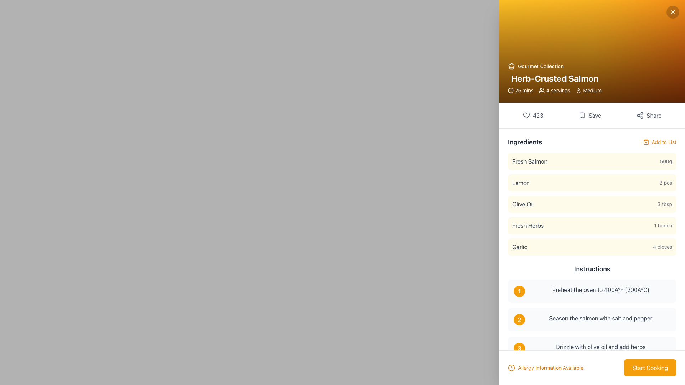 The height and width of the screenshot is (385, 685). I want to click on the Close icon represented by a white 'X' inside a rounded rectangular button in the top-right corner of the header section above the recipe titled 'Herb-Crusted Salmon' to trigger the hover effect, so click(673, 12).